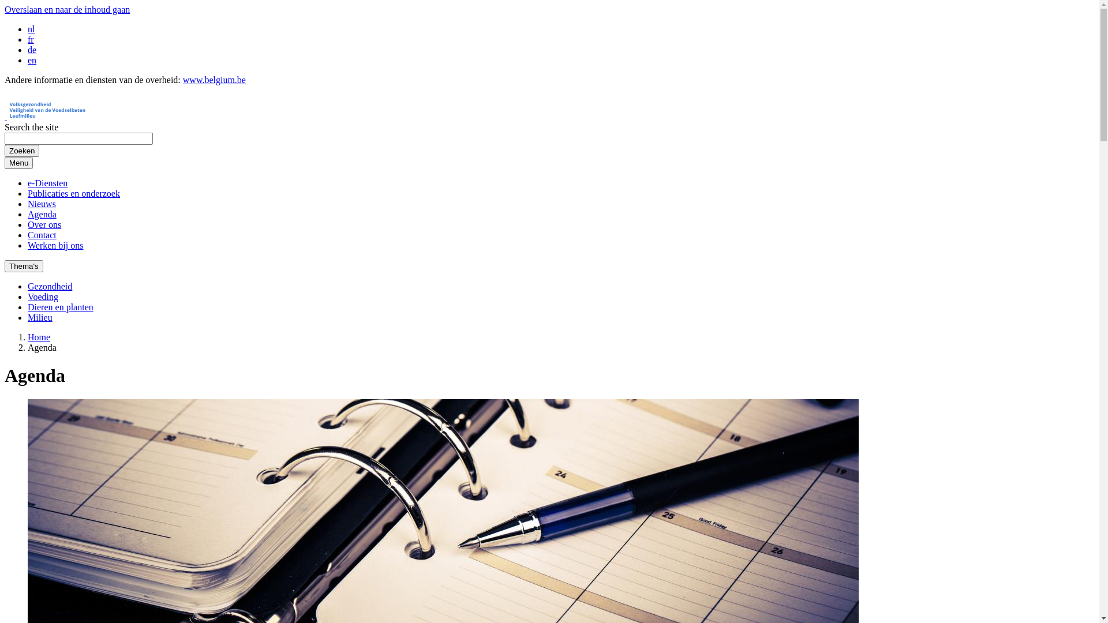  Describe the element at coordinates (66, 9) in the screenshot. I see `'Overslaan en naar de inhoud gaan'` at that location.